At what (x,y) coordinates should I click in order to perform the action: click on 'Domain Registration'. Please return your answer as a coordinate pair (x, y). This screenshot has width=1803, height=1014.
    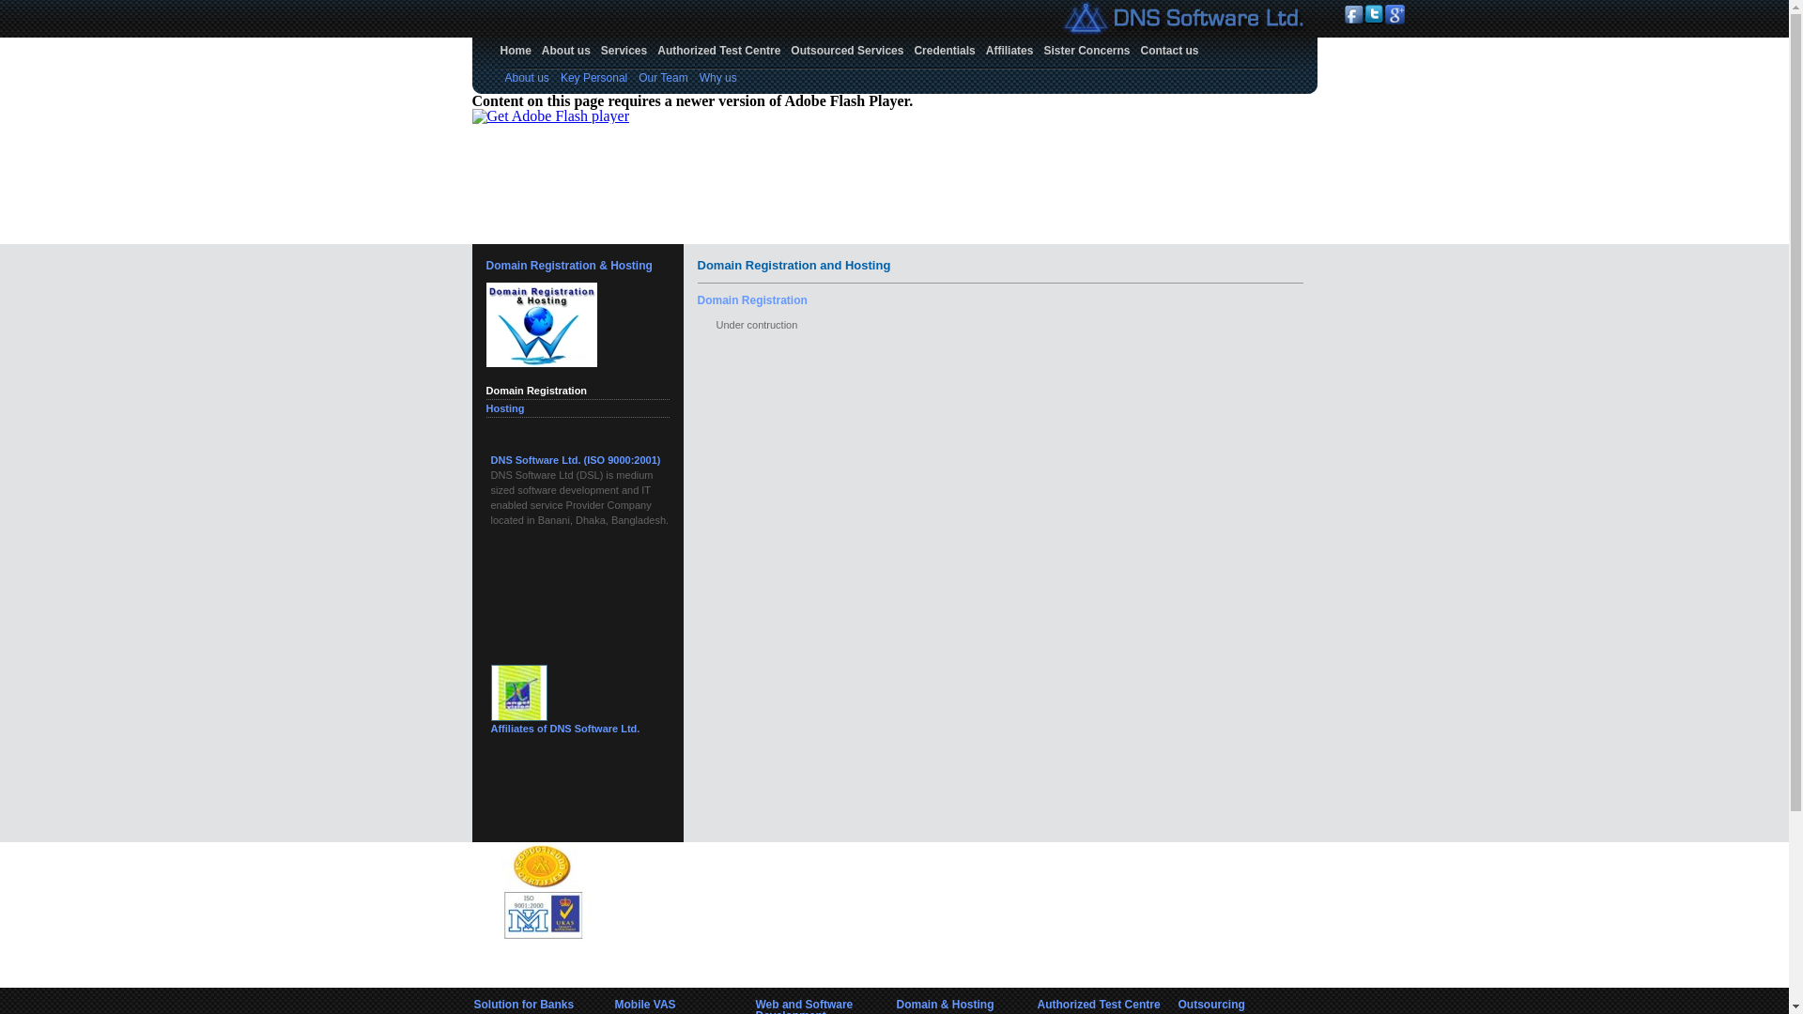
    Looking at the image, I should click on (535, 390).